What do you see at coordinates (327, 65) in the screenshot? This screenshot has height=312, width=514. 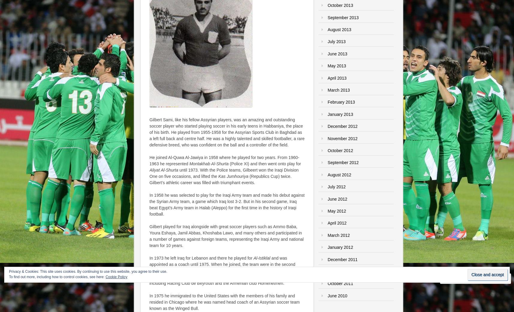 I see `'May 2013'` at bounding box center [327, 65].